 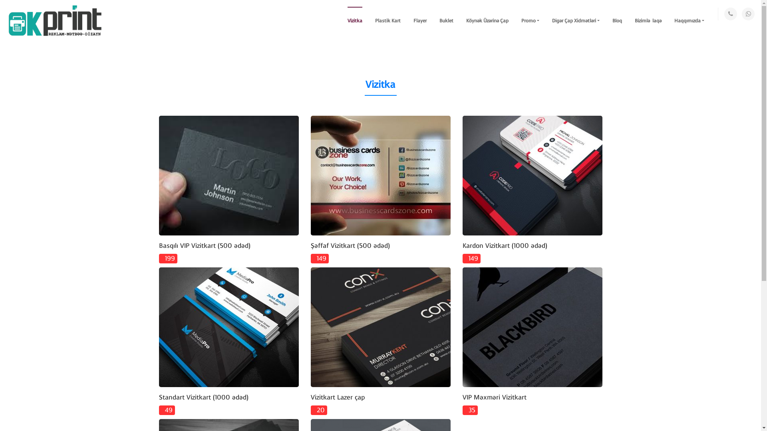 I want to click on 'Flayer', so click(x=413, y=20).